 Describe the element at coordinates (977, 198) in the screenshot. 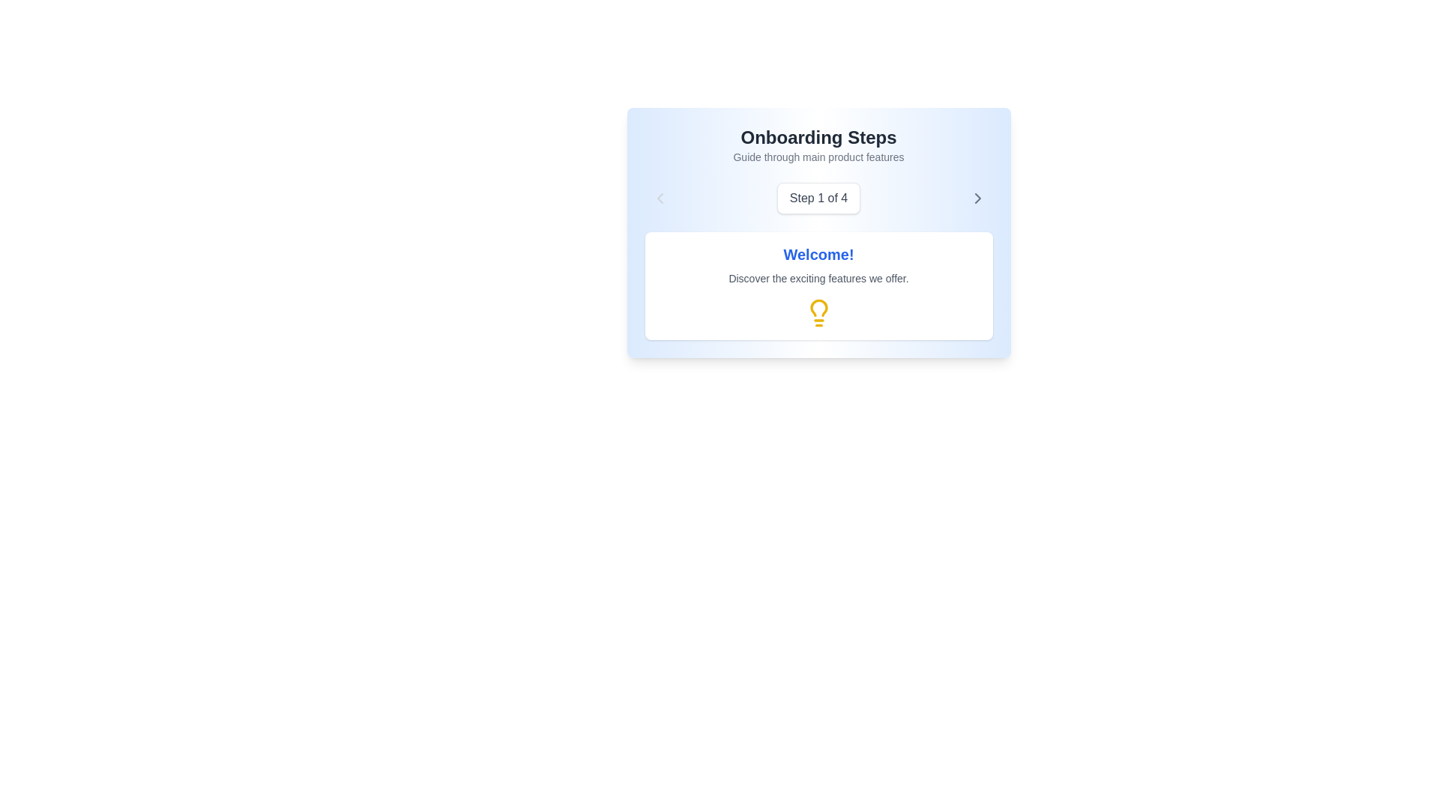

I see `the small button-like arrow with a chevron pointing right, located to the right of the 'Step 1 of 4' text` at that location.